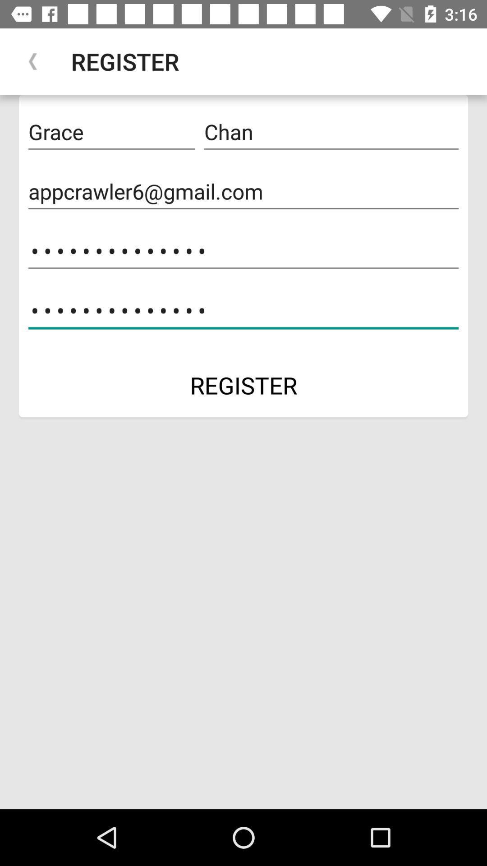 The image size is (487, 866). I want to click on item to the left of register, so click(32, 61).